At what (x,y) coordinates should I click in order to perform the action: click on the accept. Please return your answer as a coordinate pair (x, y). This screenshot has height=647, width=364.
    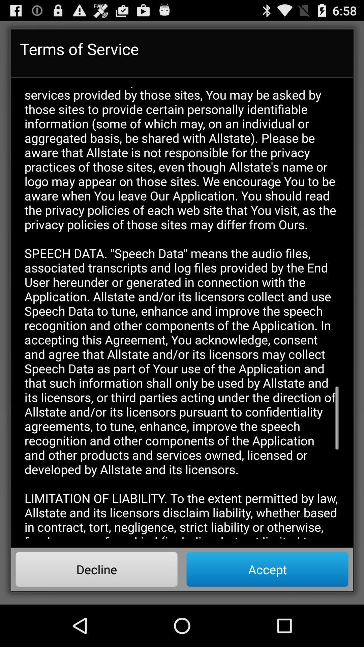
    Looking at the image, I should click on (267, 569).